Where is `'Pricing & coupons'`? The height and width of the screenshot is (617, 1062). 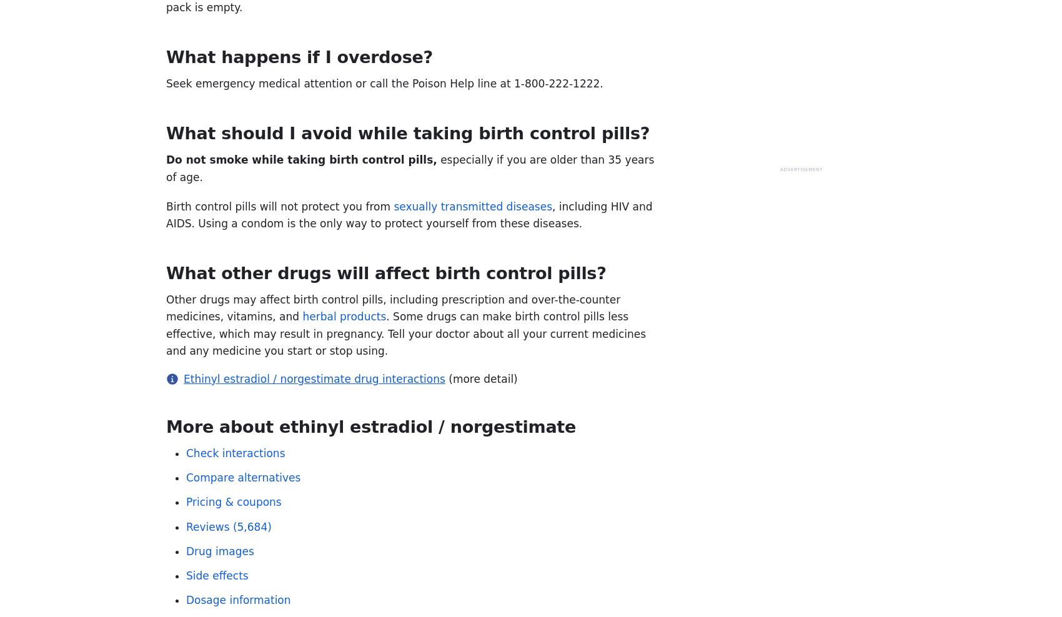 'Pricing & coupons' is located at coordinates (233, 502).